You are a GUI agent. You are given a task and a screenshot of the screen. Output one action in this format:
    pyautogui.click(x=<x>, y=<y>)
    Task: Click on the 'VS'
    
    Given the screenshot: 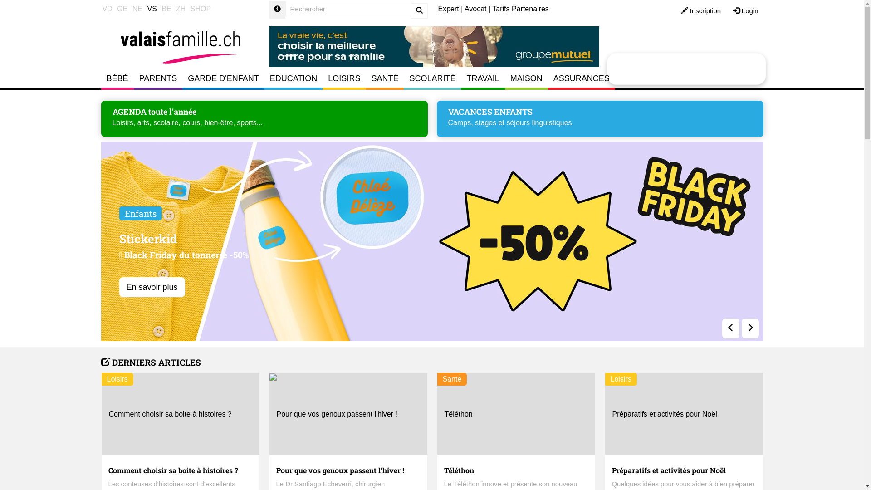 What is the action you would take?
    pyautogui.click(x=152, y=9)
    